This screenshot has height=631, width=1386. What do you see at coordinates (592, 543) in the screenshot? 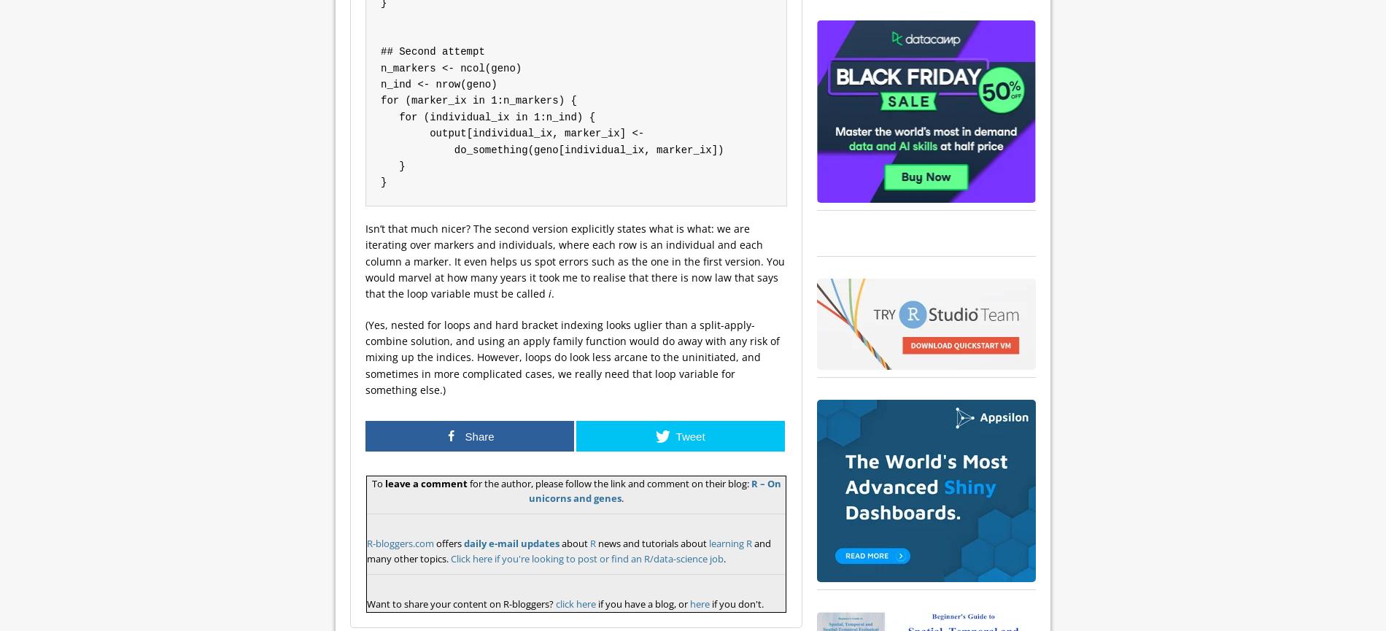
I see `'R'` at bounding box center [592, 543].